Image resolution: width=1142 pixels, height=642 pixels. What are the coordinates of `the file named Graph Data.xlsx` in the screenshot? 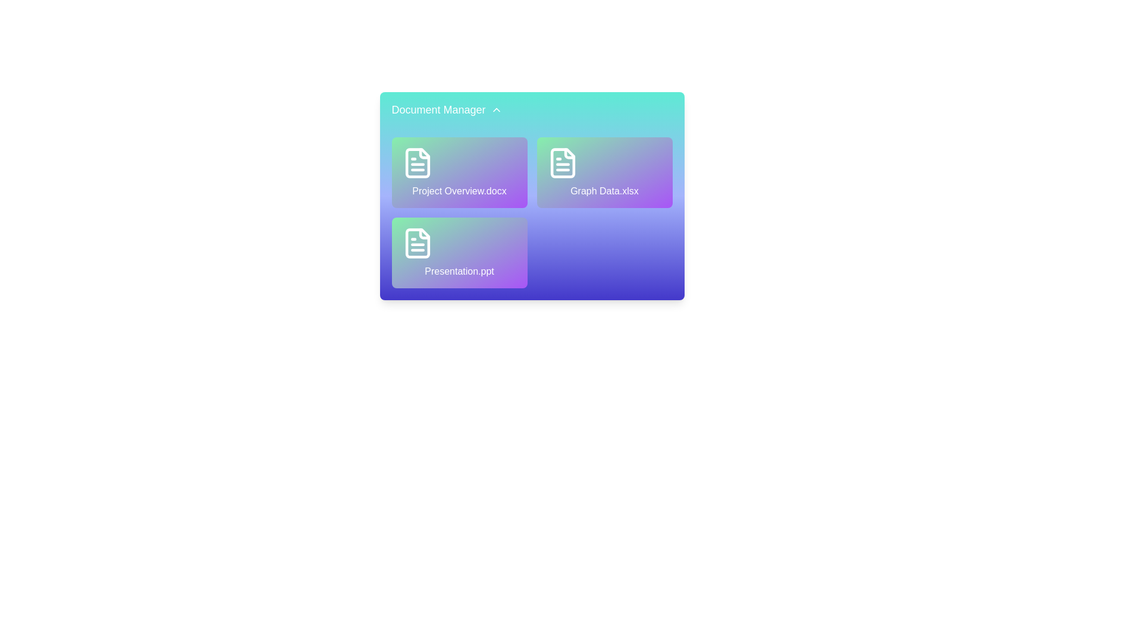 It's located at (604, 172).